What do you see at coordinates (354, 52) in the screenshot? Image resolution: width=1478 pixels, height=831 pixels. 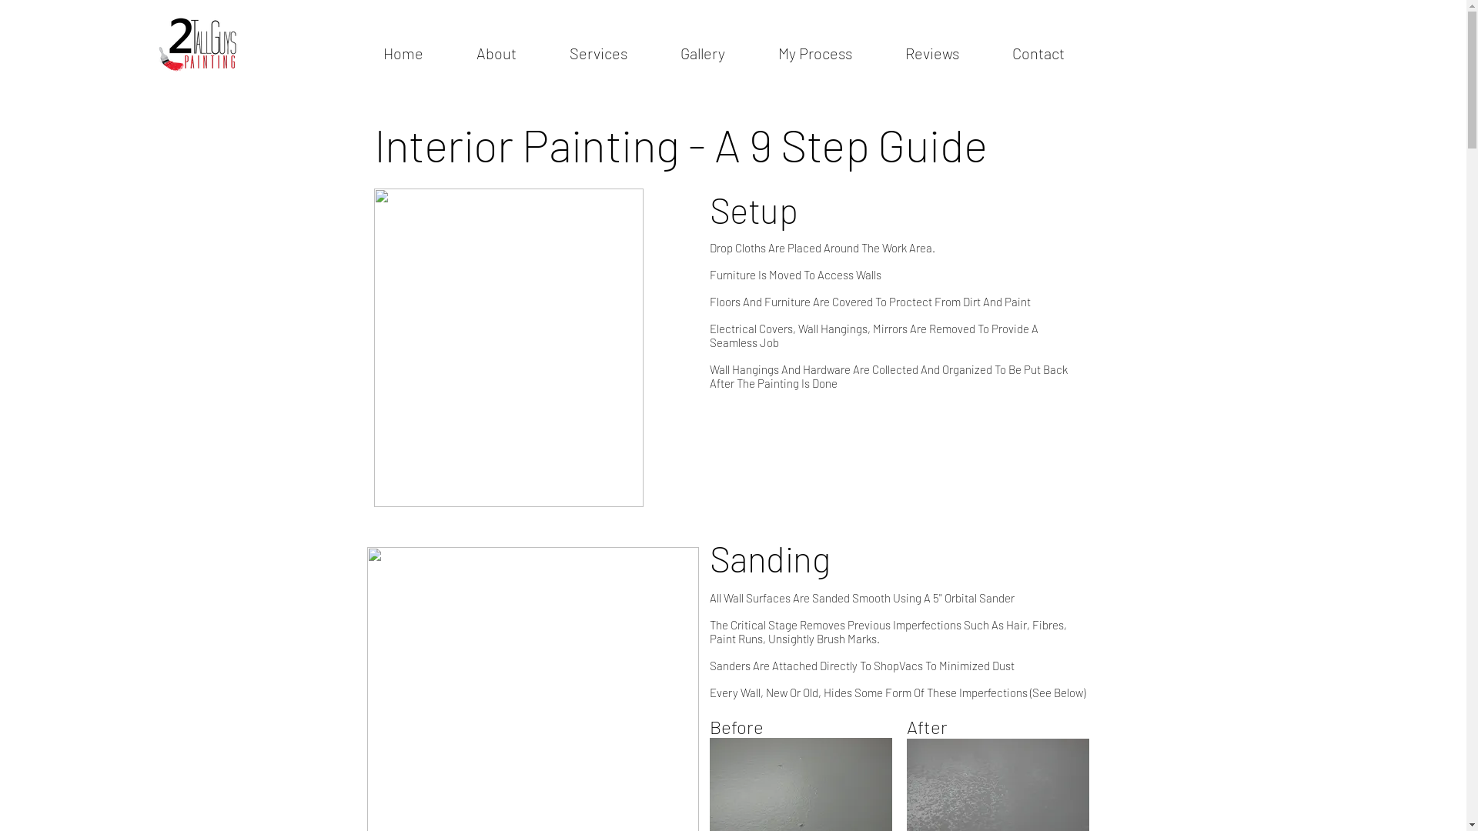 I see `'Home'` at bounding box center [354, 52].